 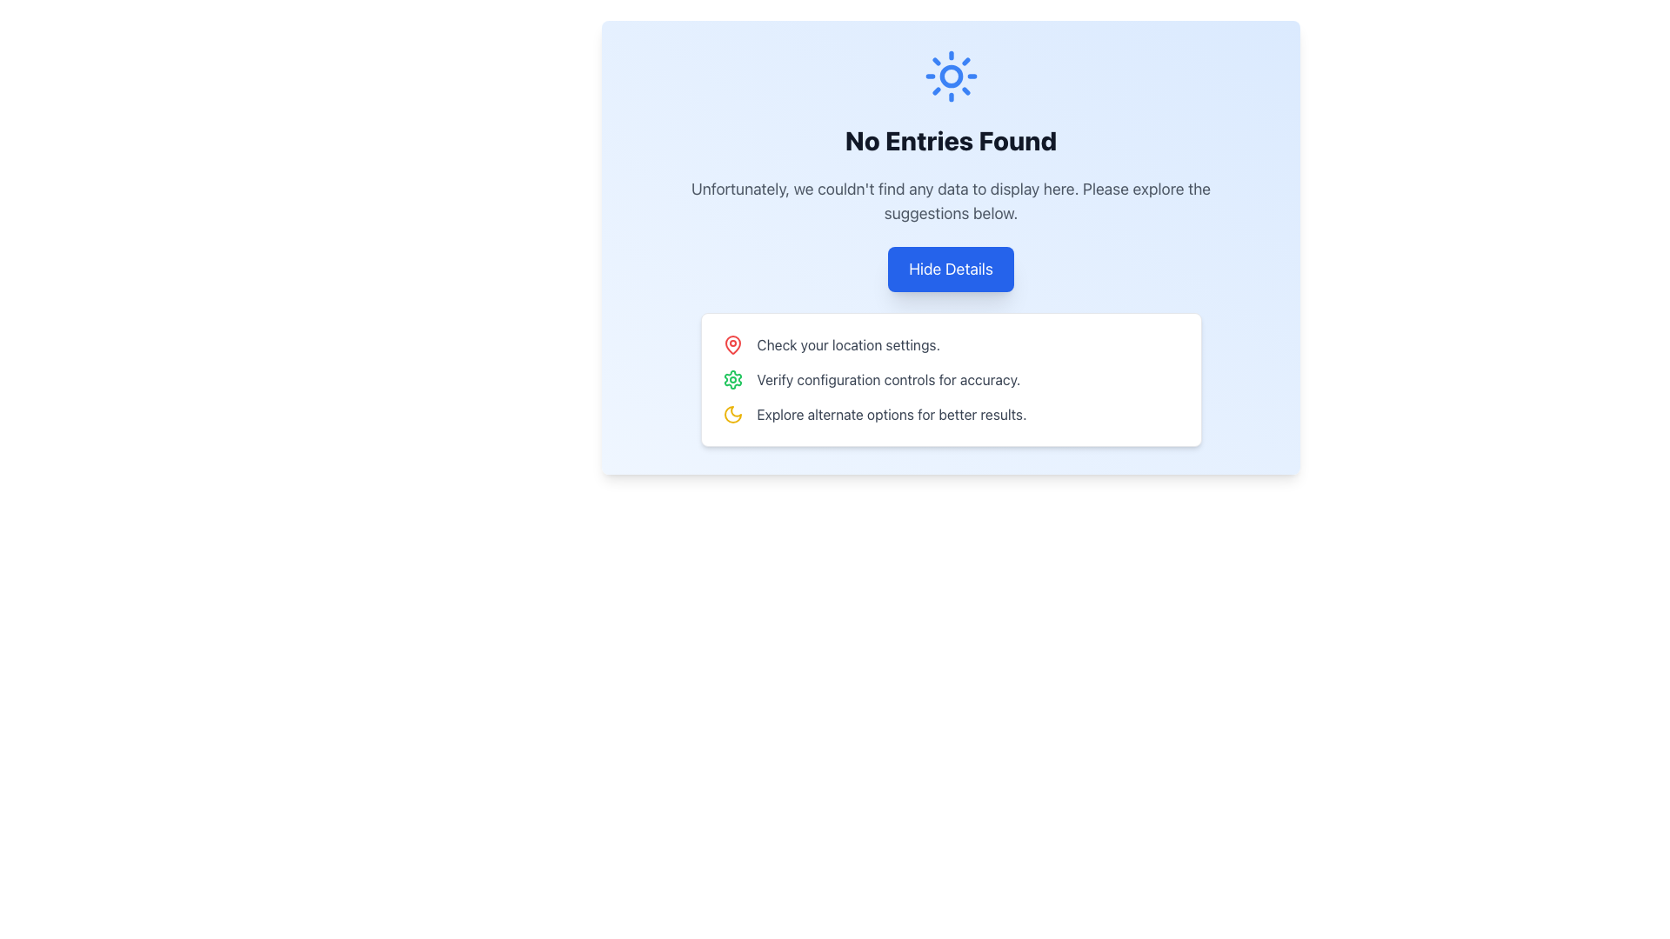 I want to click on text label that contains the phrase 'Verify configuration controls for accuracy.' which is located under a section of suggestions in the interface, so click(x=888, y=378).